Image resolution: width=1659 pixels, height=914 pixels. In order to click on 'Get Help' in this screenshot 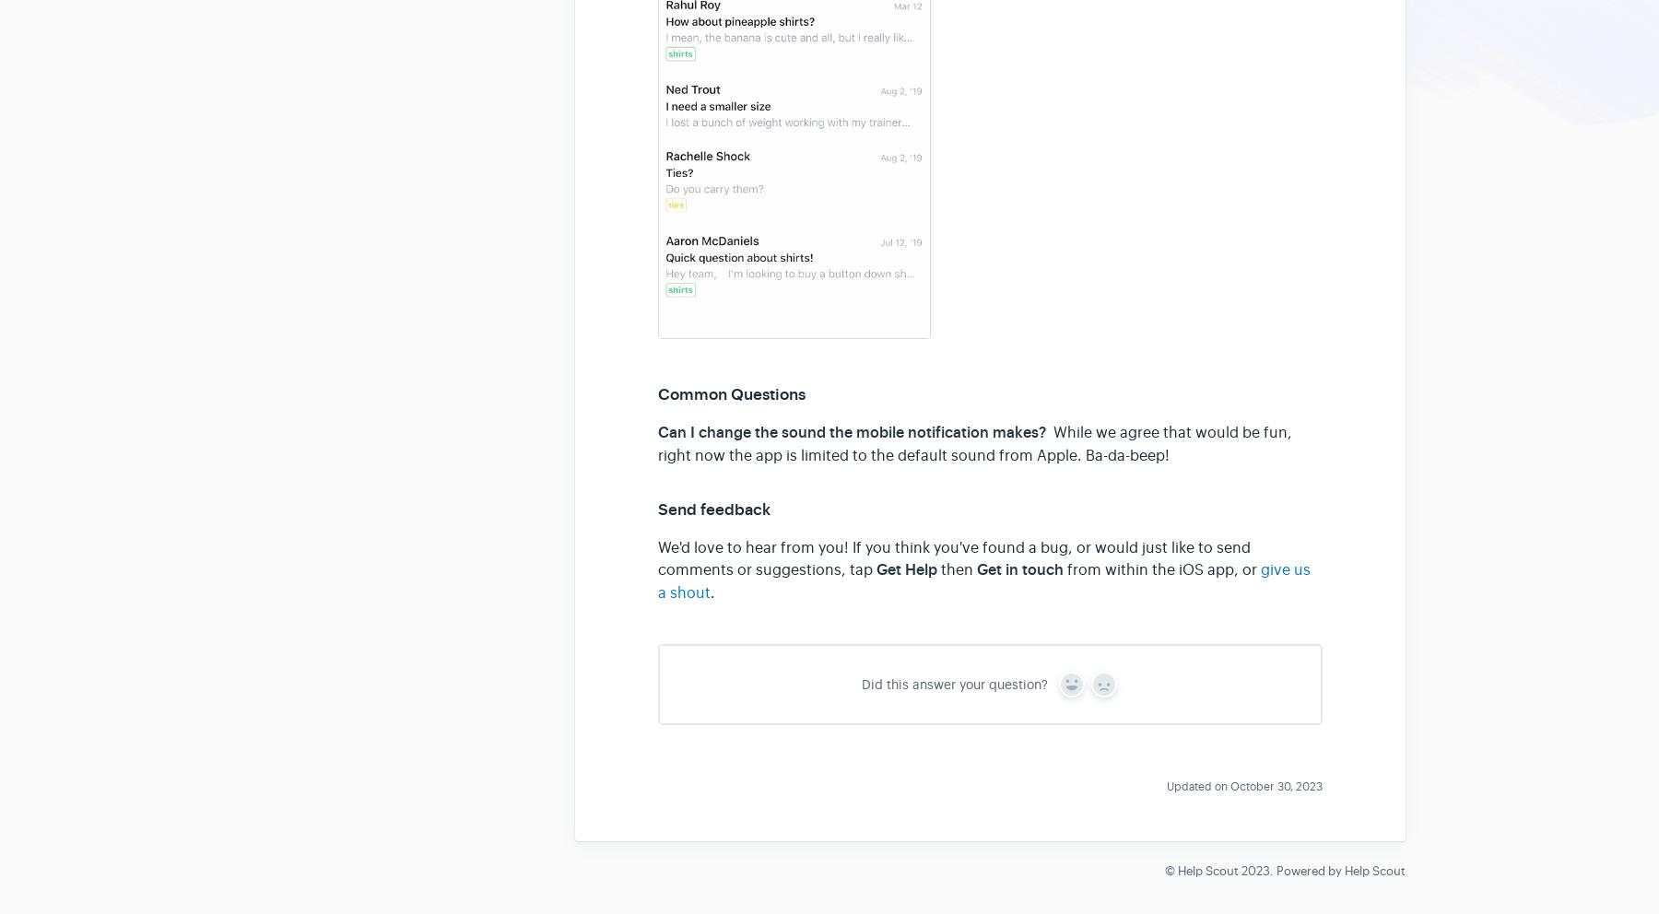, I will do `click(875, 568)`.